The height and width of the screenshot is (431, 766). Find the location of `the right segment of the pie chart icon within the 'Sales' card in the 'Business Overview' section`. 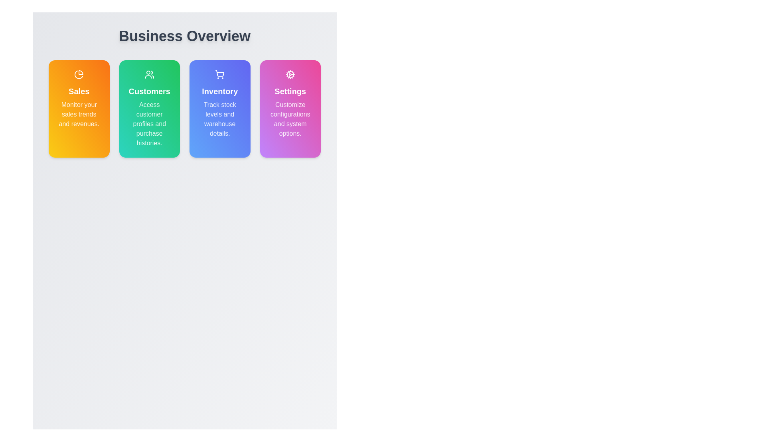

the right segment of the pie chart icon within the 'Sales' card in the 'Business Overview' section is located at coordinates (81, 72).